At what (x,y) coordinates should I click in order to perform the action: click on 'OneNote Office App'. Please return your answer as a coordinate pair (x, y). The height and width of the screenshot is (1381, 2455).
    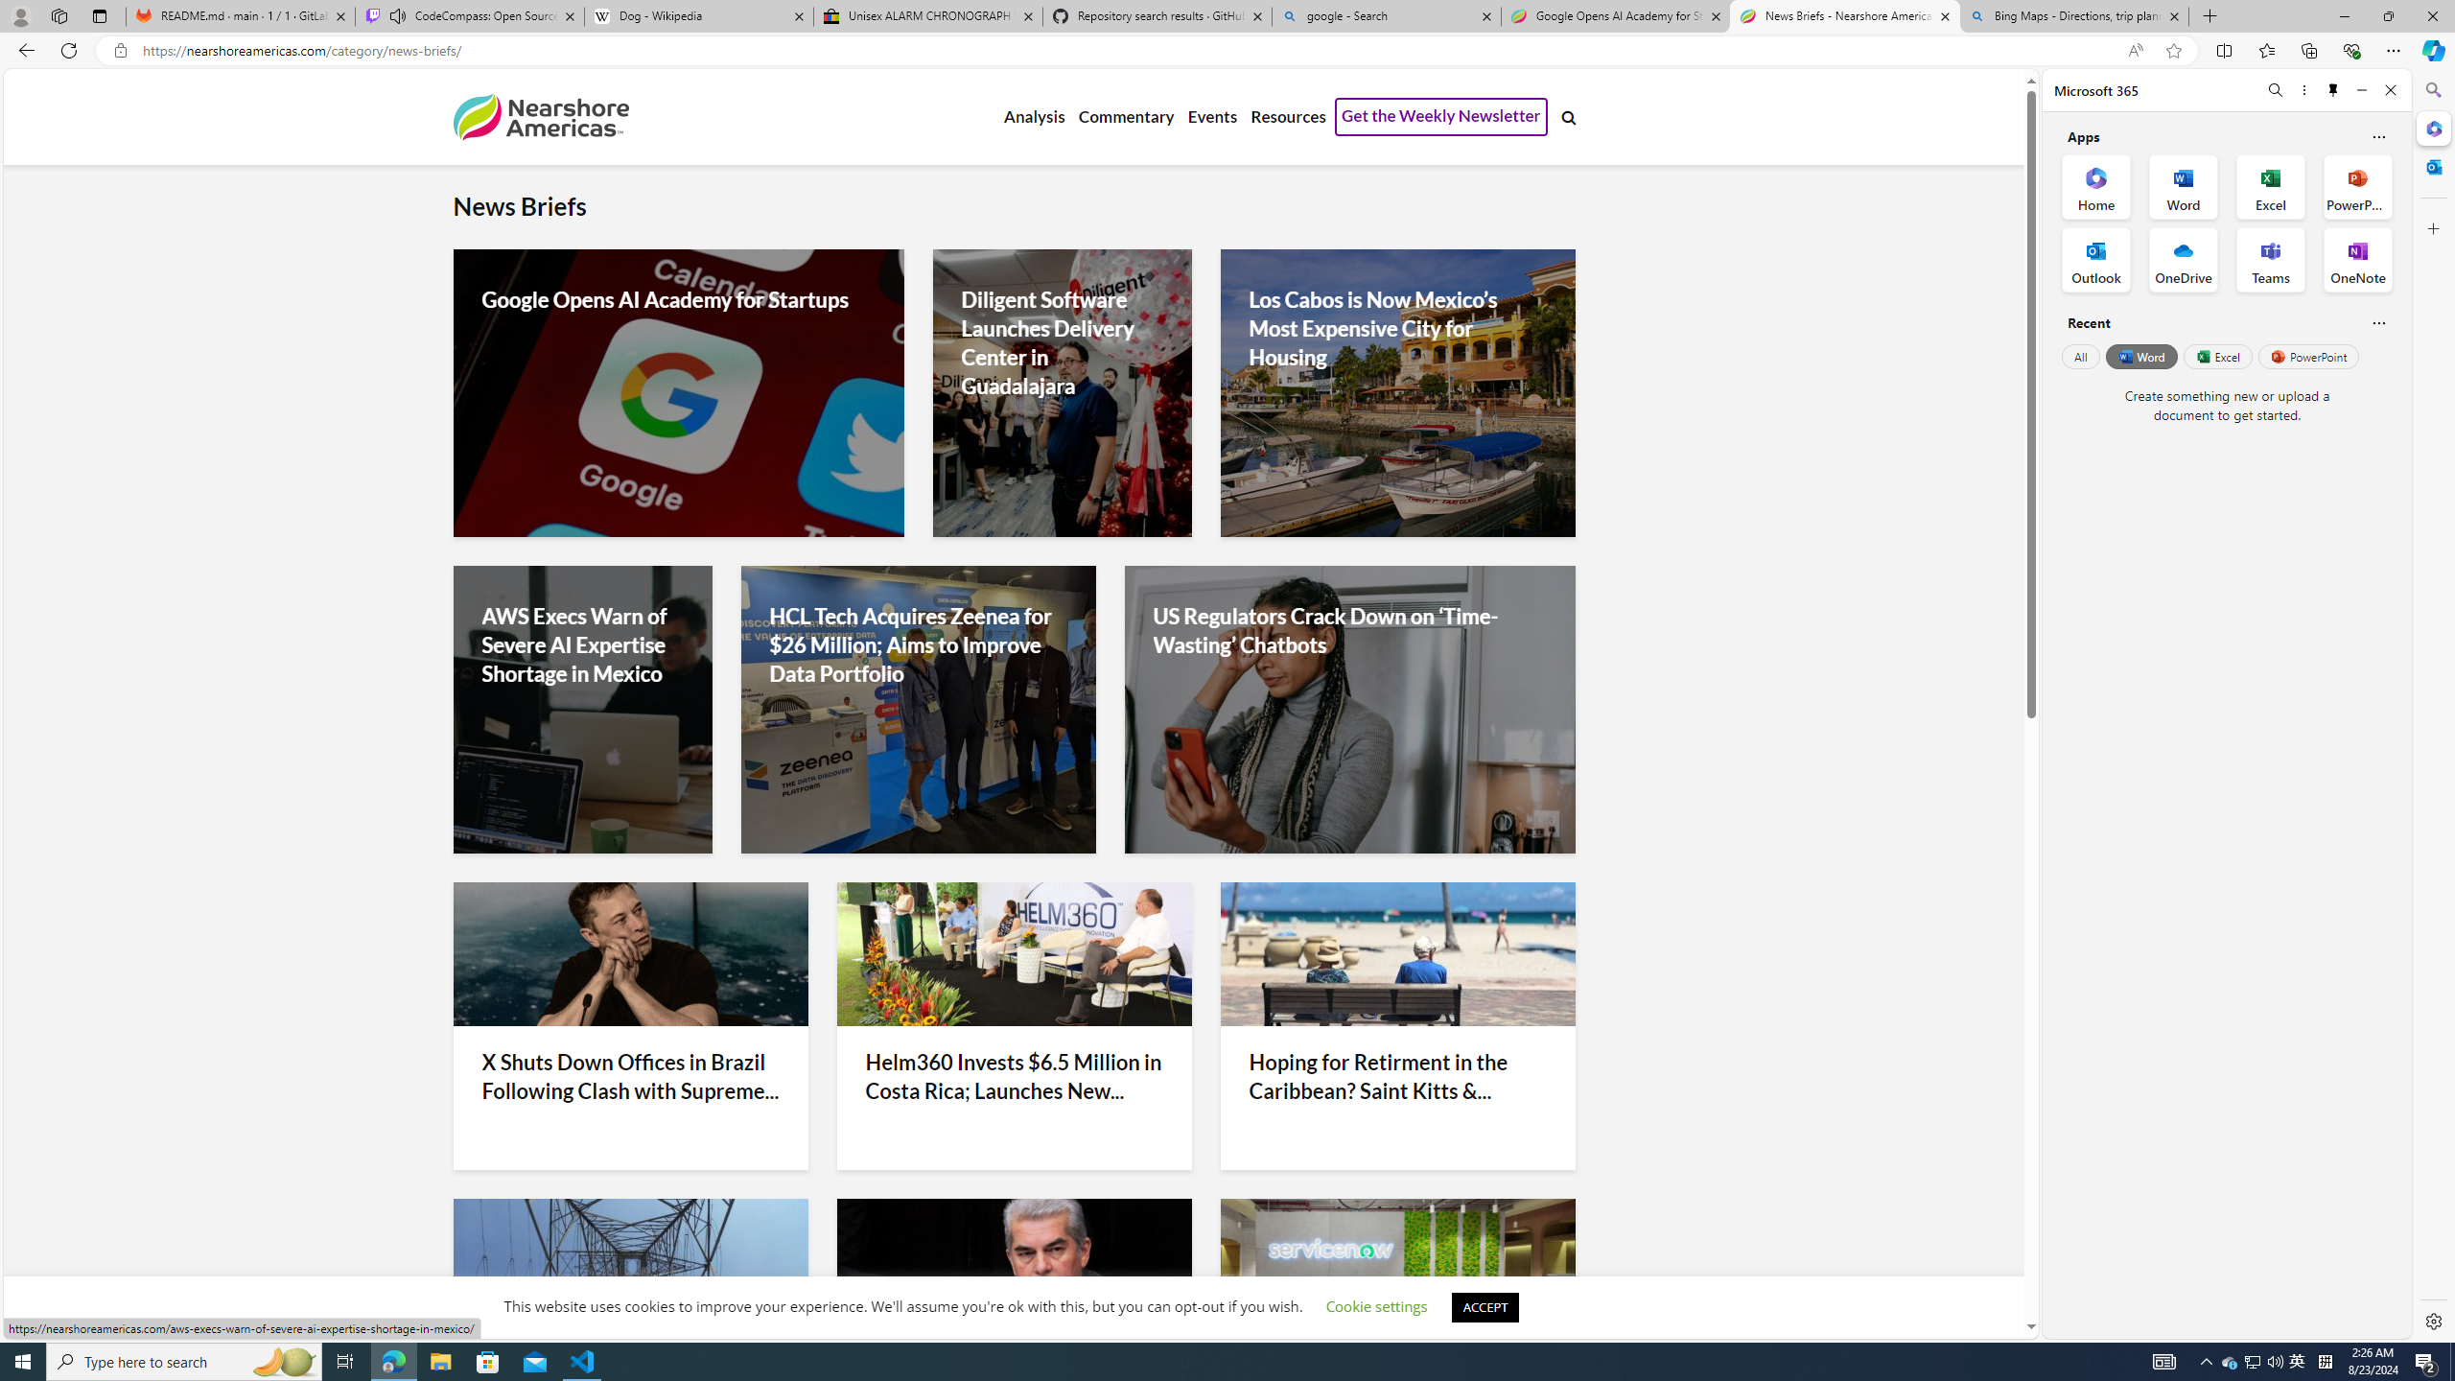
    Looking at the image, I should click on (2357, 260).